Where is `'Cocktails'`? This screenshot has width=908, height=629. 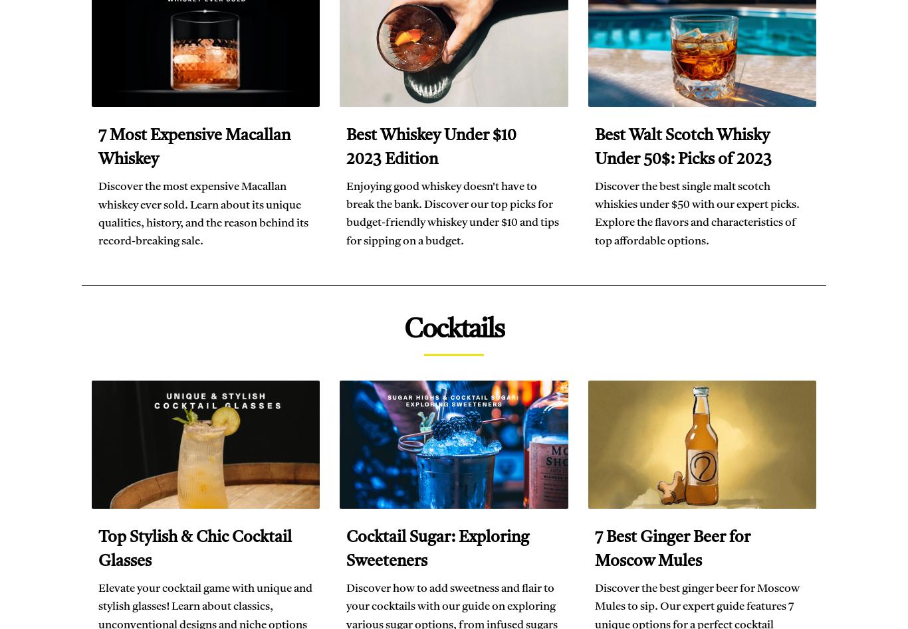 'Cocktails' is located at coordinates (454, 330).